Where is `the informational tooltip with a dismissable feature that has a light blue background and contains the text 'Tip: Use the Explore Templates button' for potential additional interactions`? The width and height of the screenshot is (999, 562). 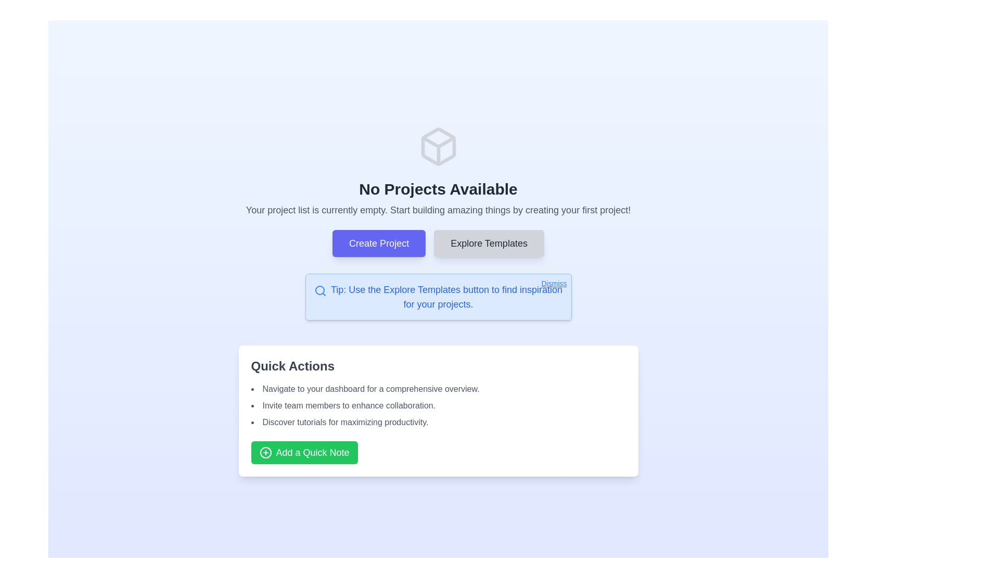 the informational tooltip with a dismissable feature that has a light blue background and contains the text 'Tip: Use the Explore Templates button' for potential additional interactions is located at coordinates (438, 297).